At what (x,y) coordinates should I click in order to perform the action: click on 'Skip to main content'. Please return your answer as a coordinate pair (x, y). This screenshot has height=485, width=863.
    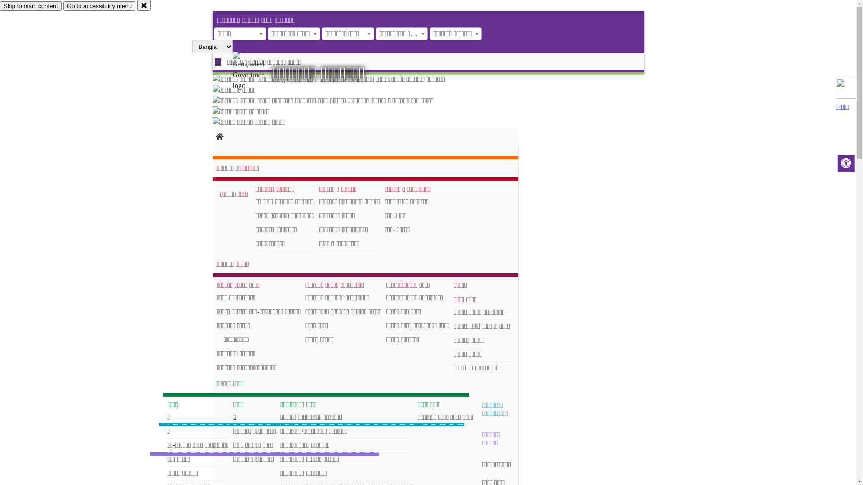
    Looking at the image, I should click on (31, 6).